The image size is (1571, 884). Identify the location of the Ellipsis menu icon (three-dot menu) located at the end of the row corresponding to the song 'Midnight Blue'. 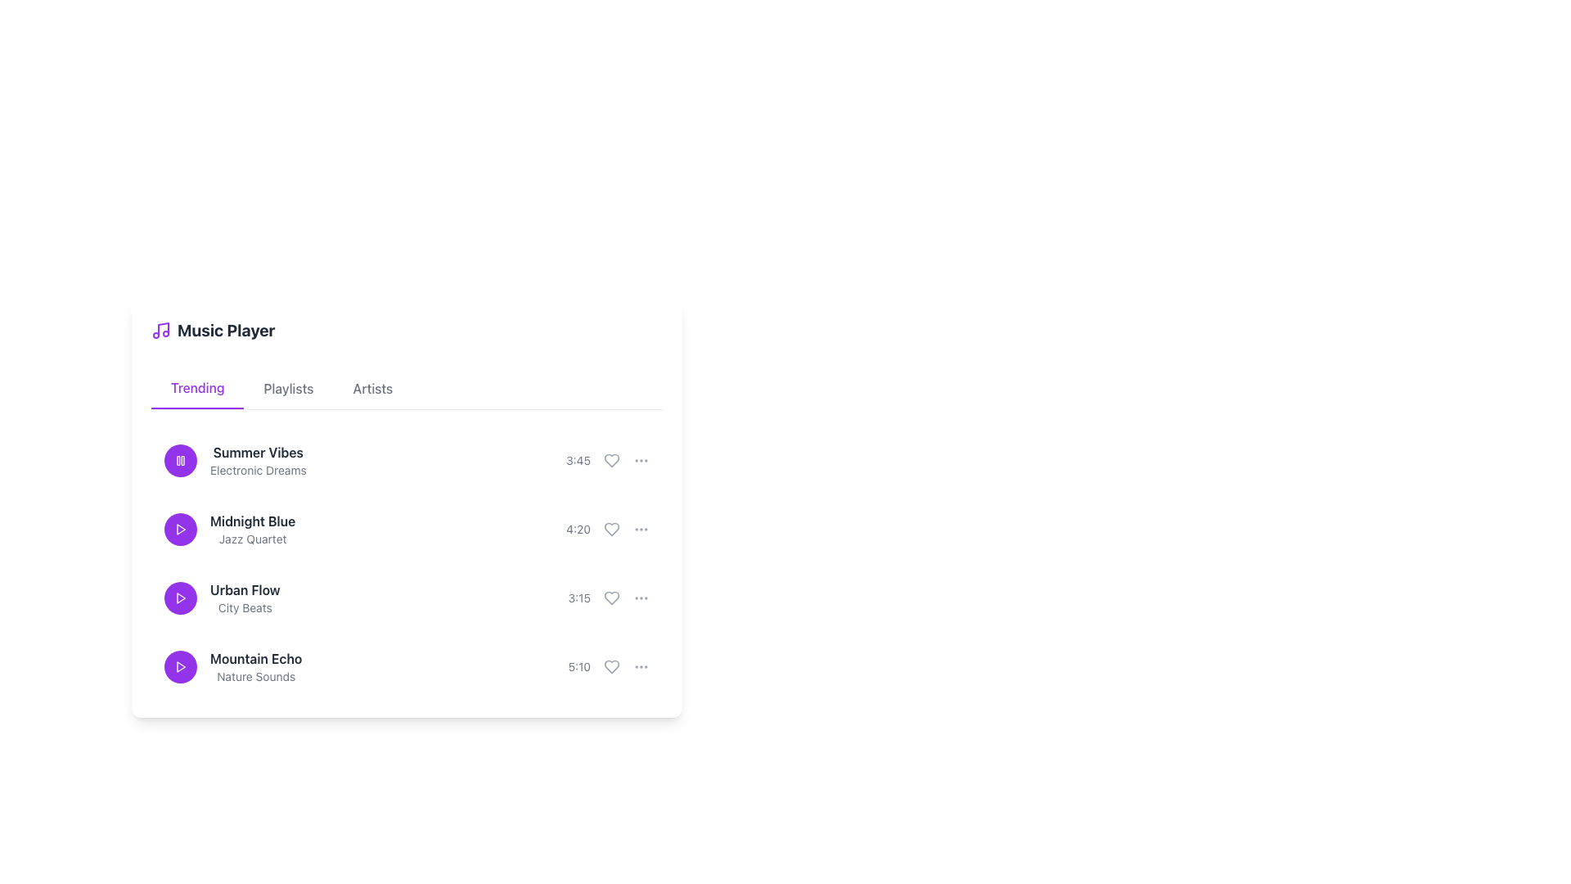
(640, 530).